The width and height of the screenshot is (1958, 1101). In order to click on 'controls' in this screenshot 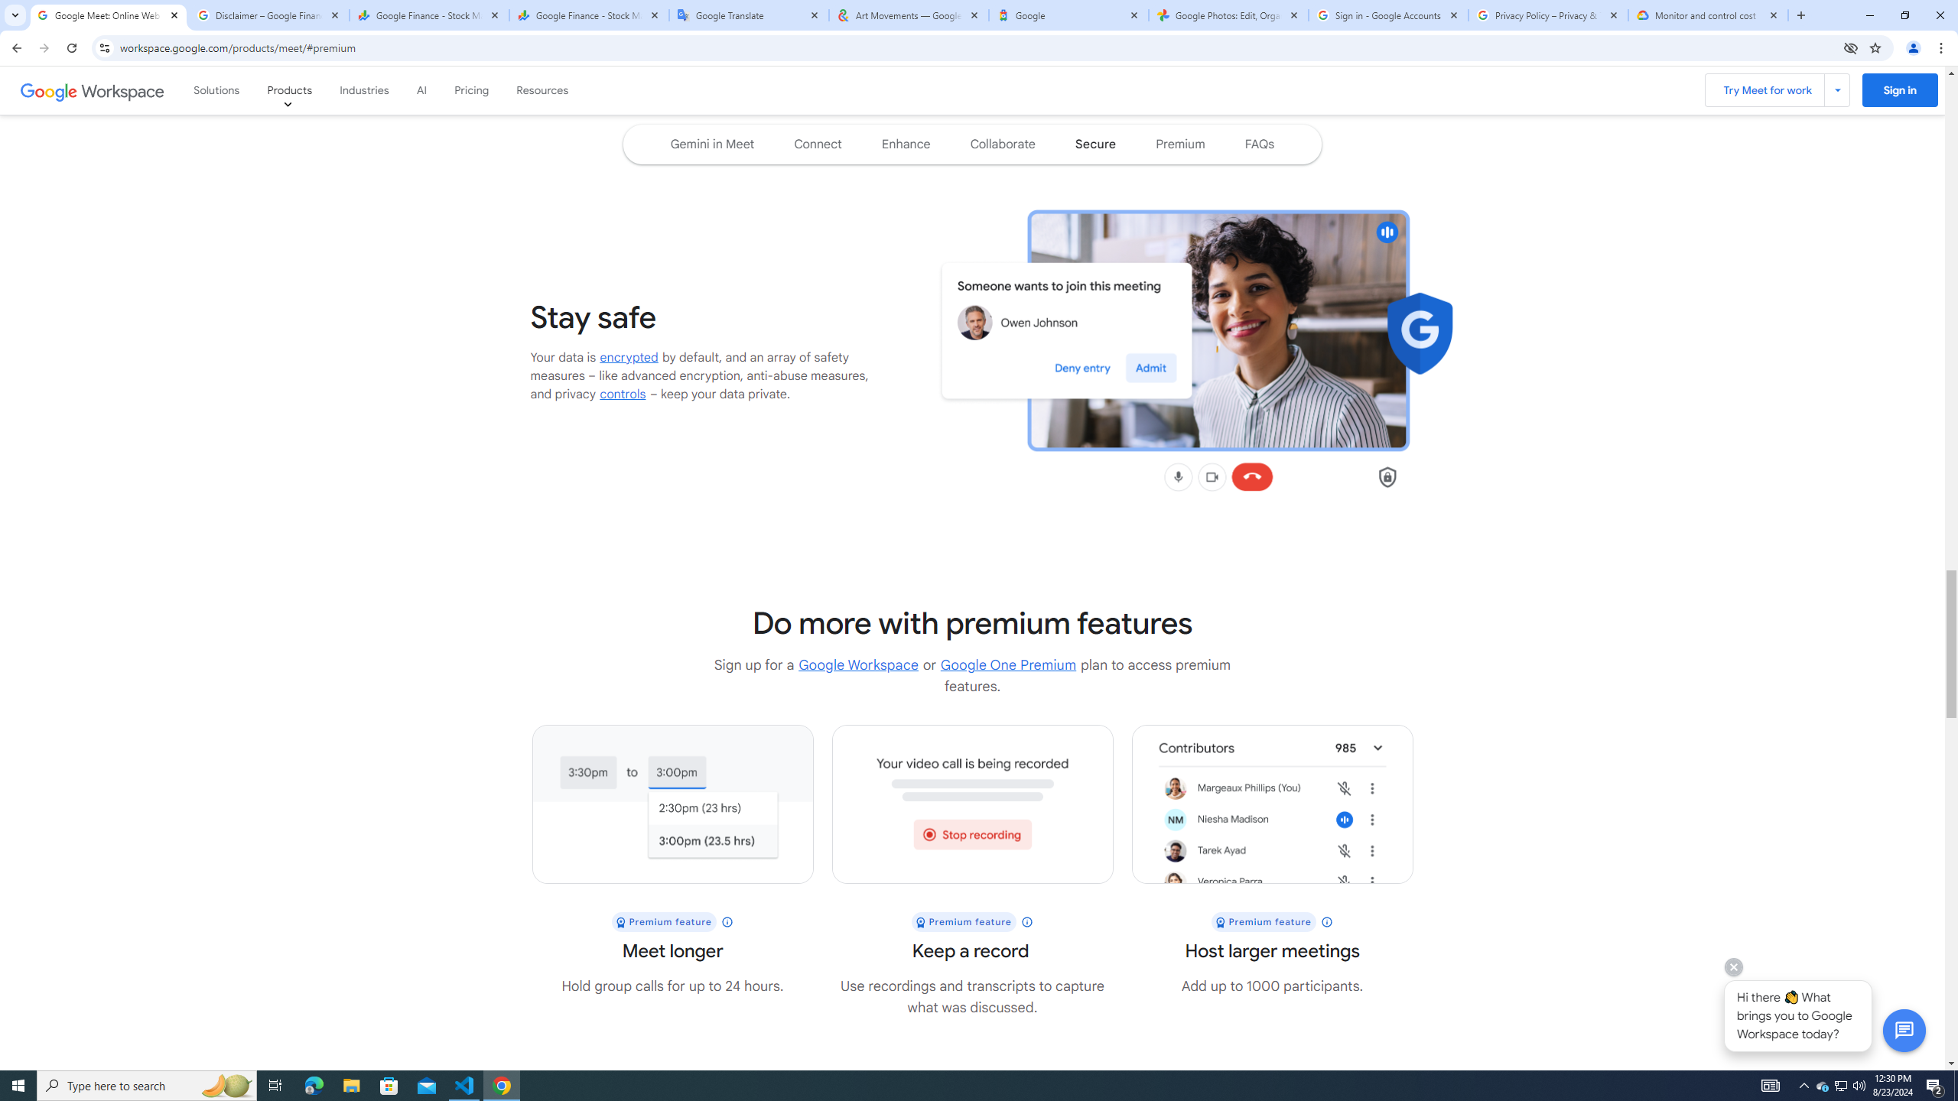, I will do `click(623, 393)`.